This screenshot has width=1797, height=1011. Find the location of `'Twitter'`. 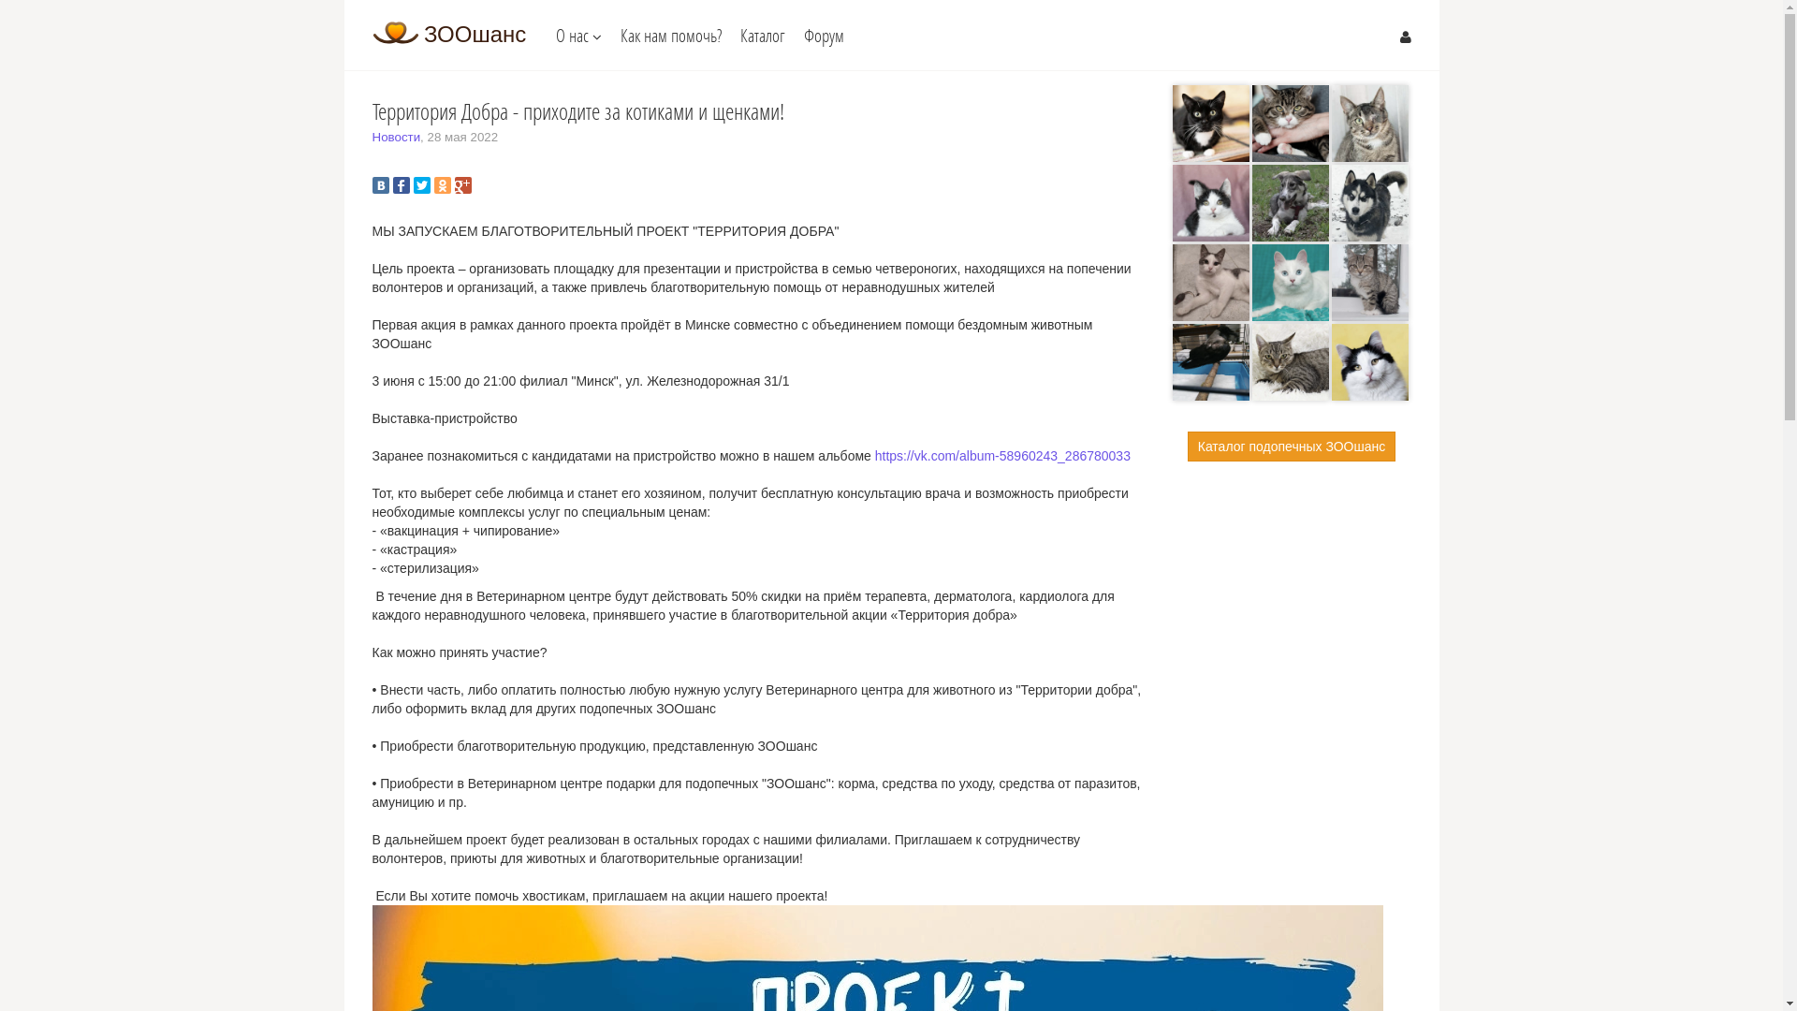

'Twitter' is located at coordinates (421, 184).